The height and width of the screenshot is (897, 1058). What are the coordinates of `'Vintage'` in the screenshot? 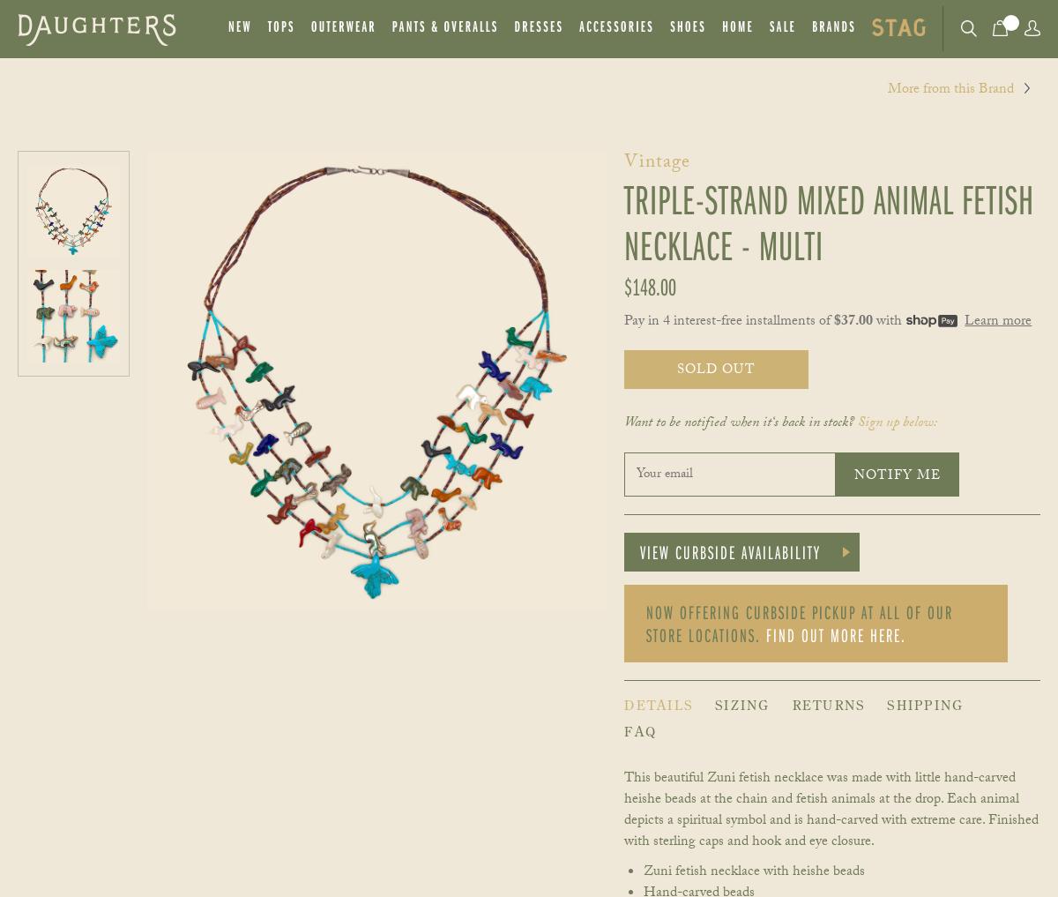 It's located at (624, 164).